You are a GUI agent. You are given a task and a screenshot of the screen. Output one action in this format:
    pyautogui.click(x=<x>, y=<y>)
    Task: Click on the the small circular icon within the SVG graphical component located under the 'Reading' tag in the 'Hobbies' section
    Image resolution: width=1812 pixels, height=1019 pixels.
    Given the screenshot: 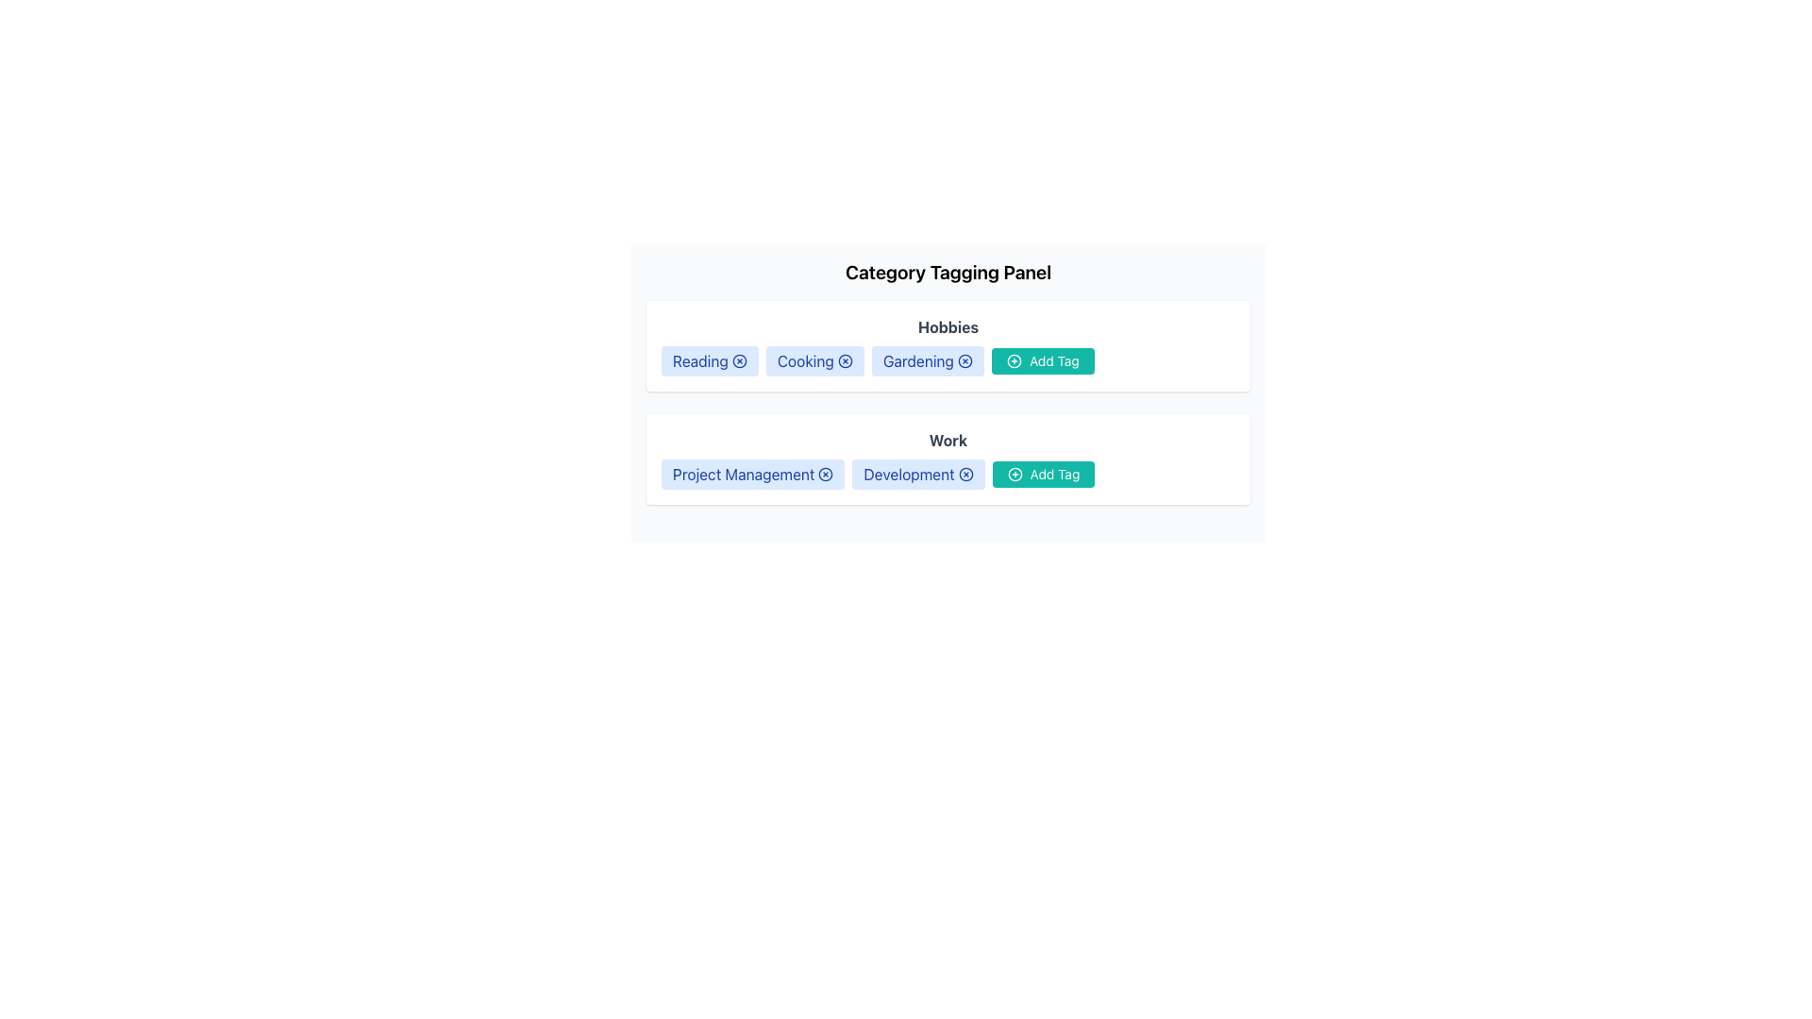 What is the action you would take?
    pyautogui.click(x=738, y=360)
    